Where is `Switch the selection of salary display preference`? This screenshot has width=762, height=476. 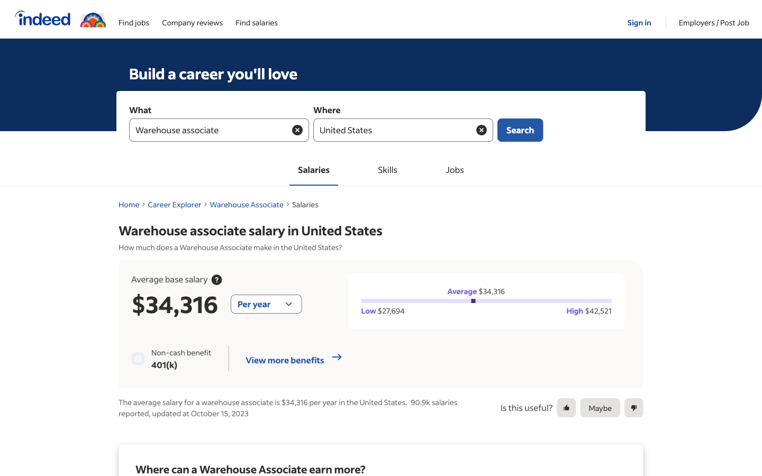 Switch the selection of salary display preference is located at coordinates (265, 304).